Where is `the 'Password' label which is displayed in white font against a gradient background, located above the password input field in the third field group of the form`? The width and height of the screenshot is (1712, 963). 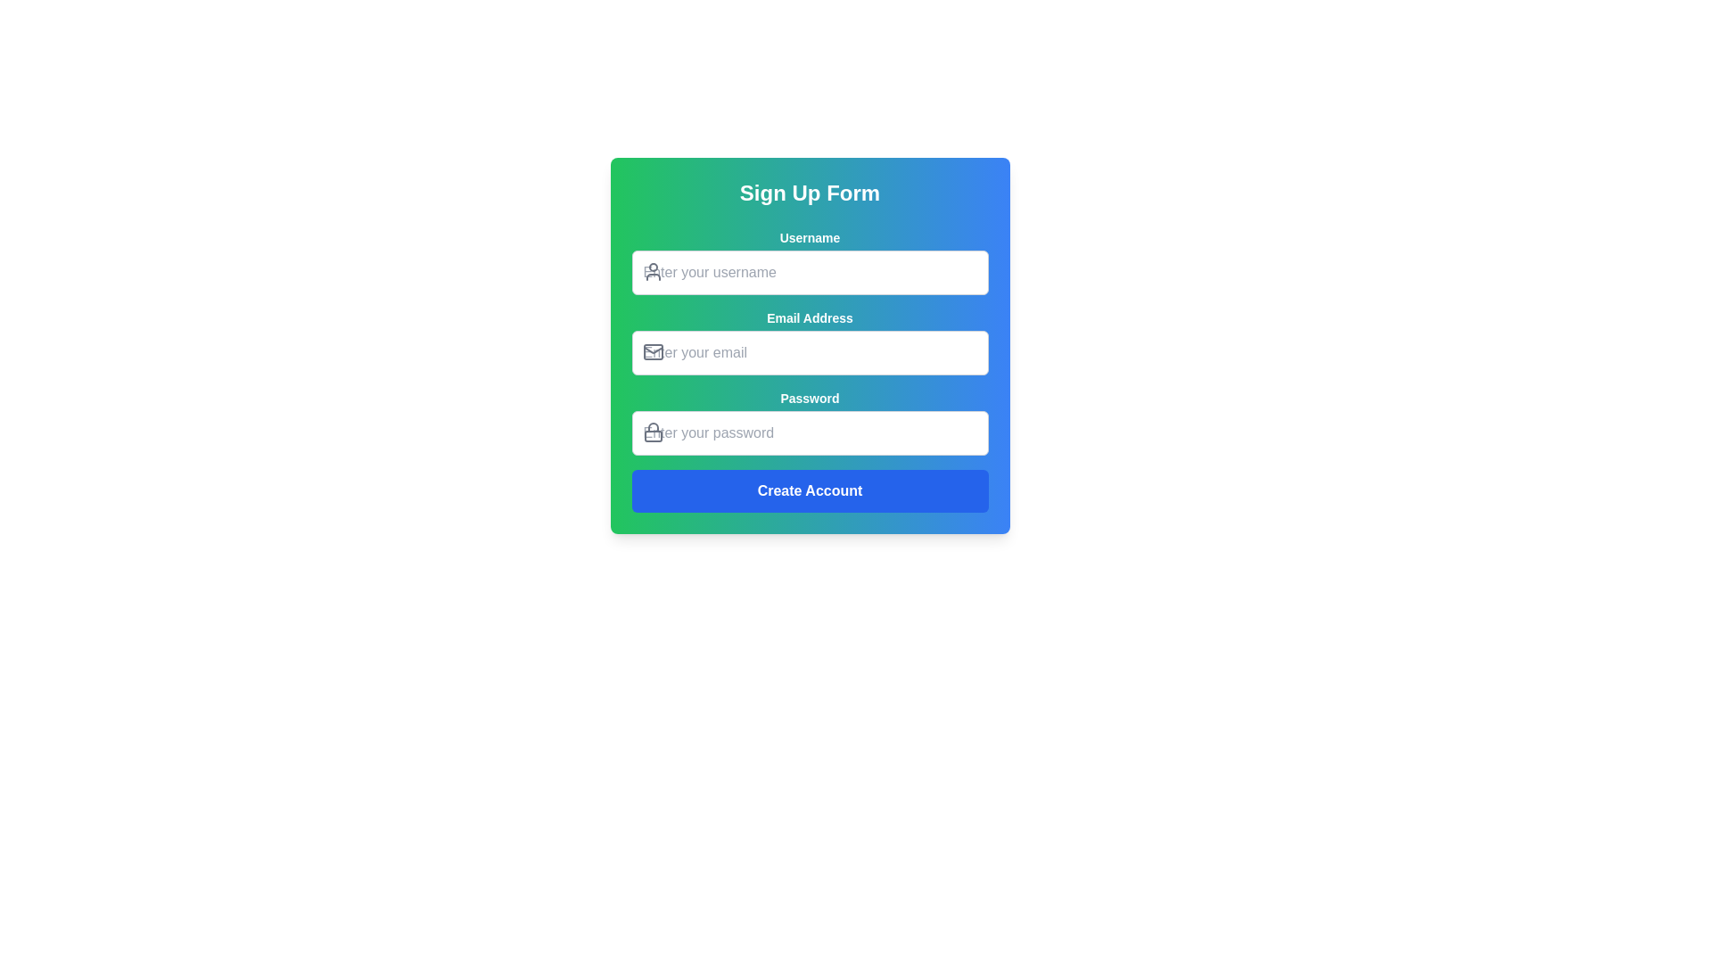 the 'Password' label which is displayed in white font against a gradient background, located above the password input field in the third field group of the form is located at coordinates (809, 398).